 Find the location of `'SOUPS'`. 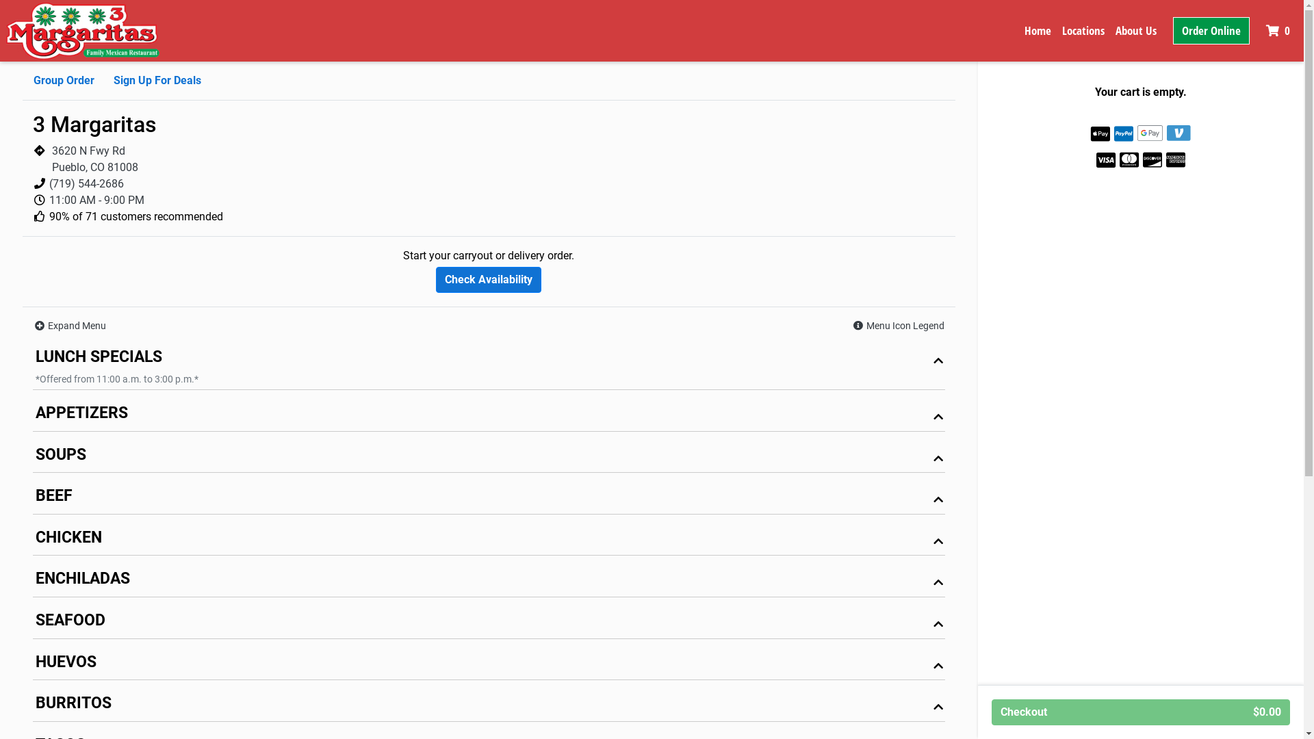

'SOUPS' is located at coordinates (489, 458).